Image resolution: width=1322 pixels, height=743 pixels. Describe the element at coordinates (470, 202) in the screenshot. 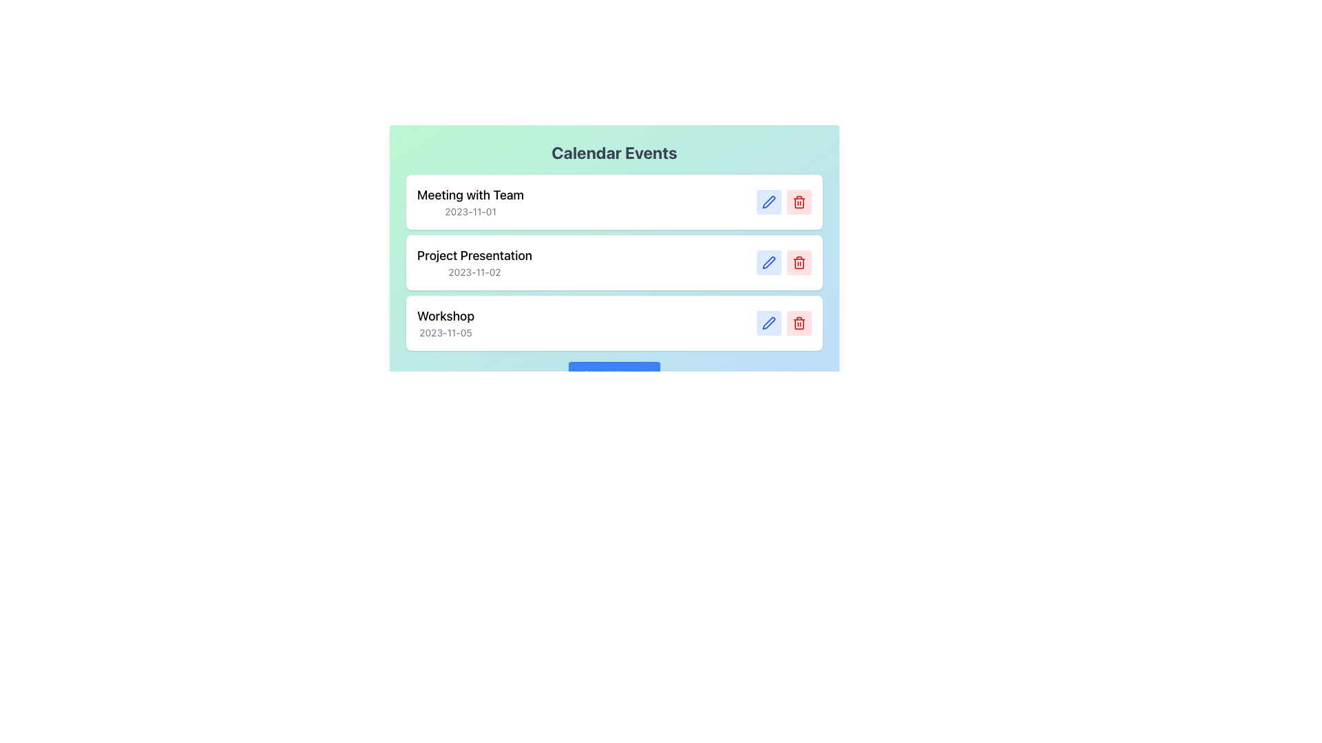

I see `the text element displaying 'Meeting with Team' and '2023-11-01', which is located in the first row of event entries, aligned to the left` at that location.